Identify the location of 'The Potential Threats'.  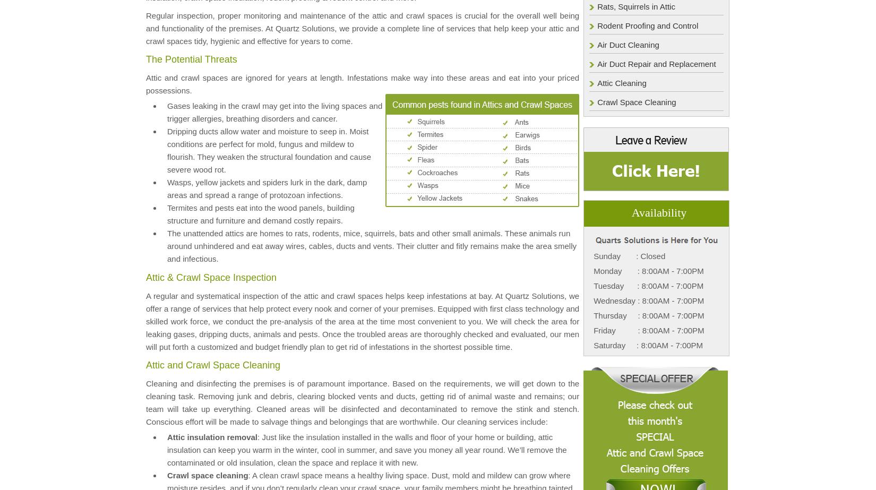
(191, 59).